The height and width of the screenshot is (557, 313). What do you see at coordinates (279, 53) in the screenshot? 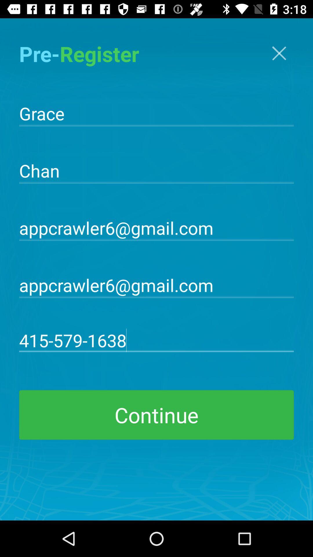
I see `the icon above the grace` at bounding box center [279, 53].